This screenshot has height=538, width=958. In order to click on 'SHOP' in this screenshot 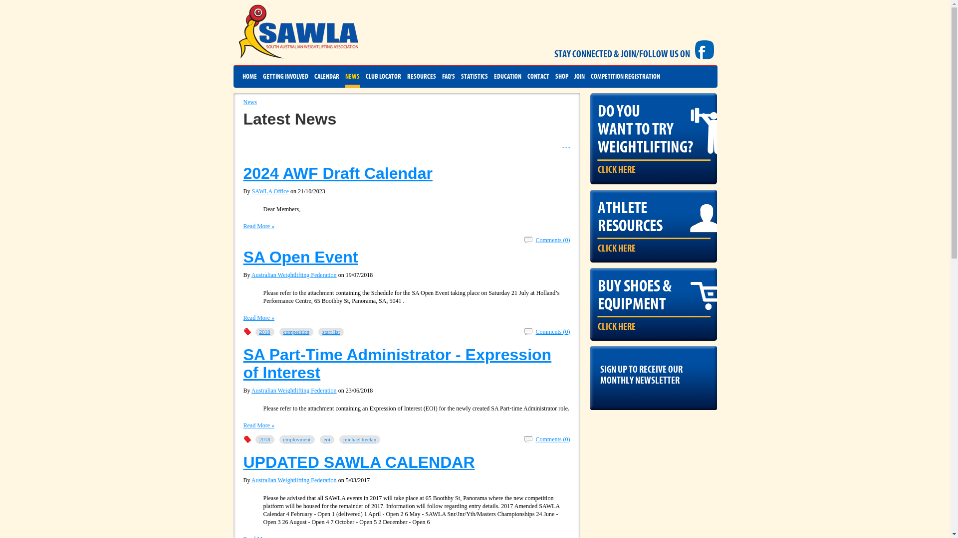, I will do `click(561, 76)`.